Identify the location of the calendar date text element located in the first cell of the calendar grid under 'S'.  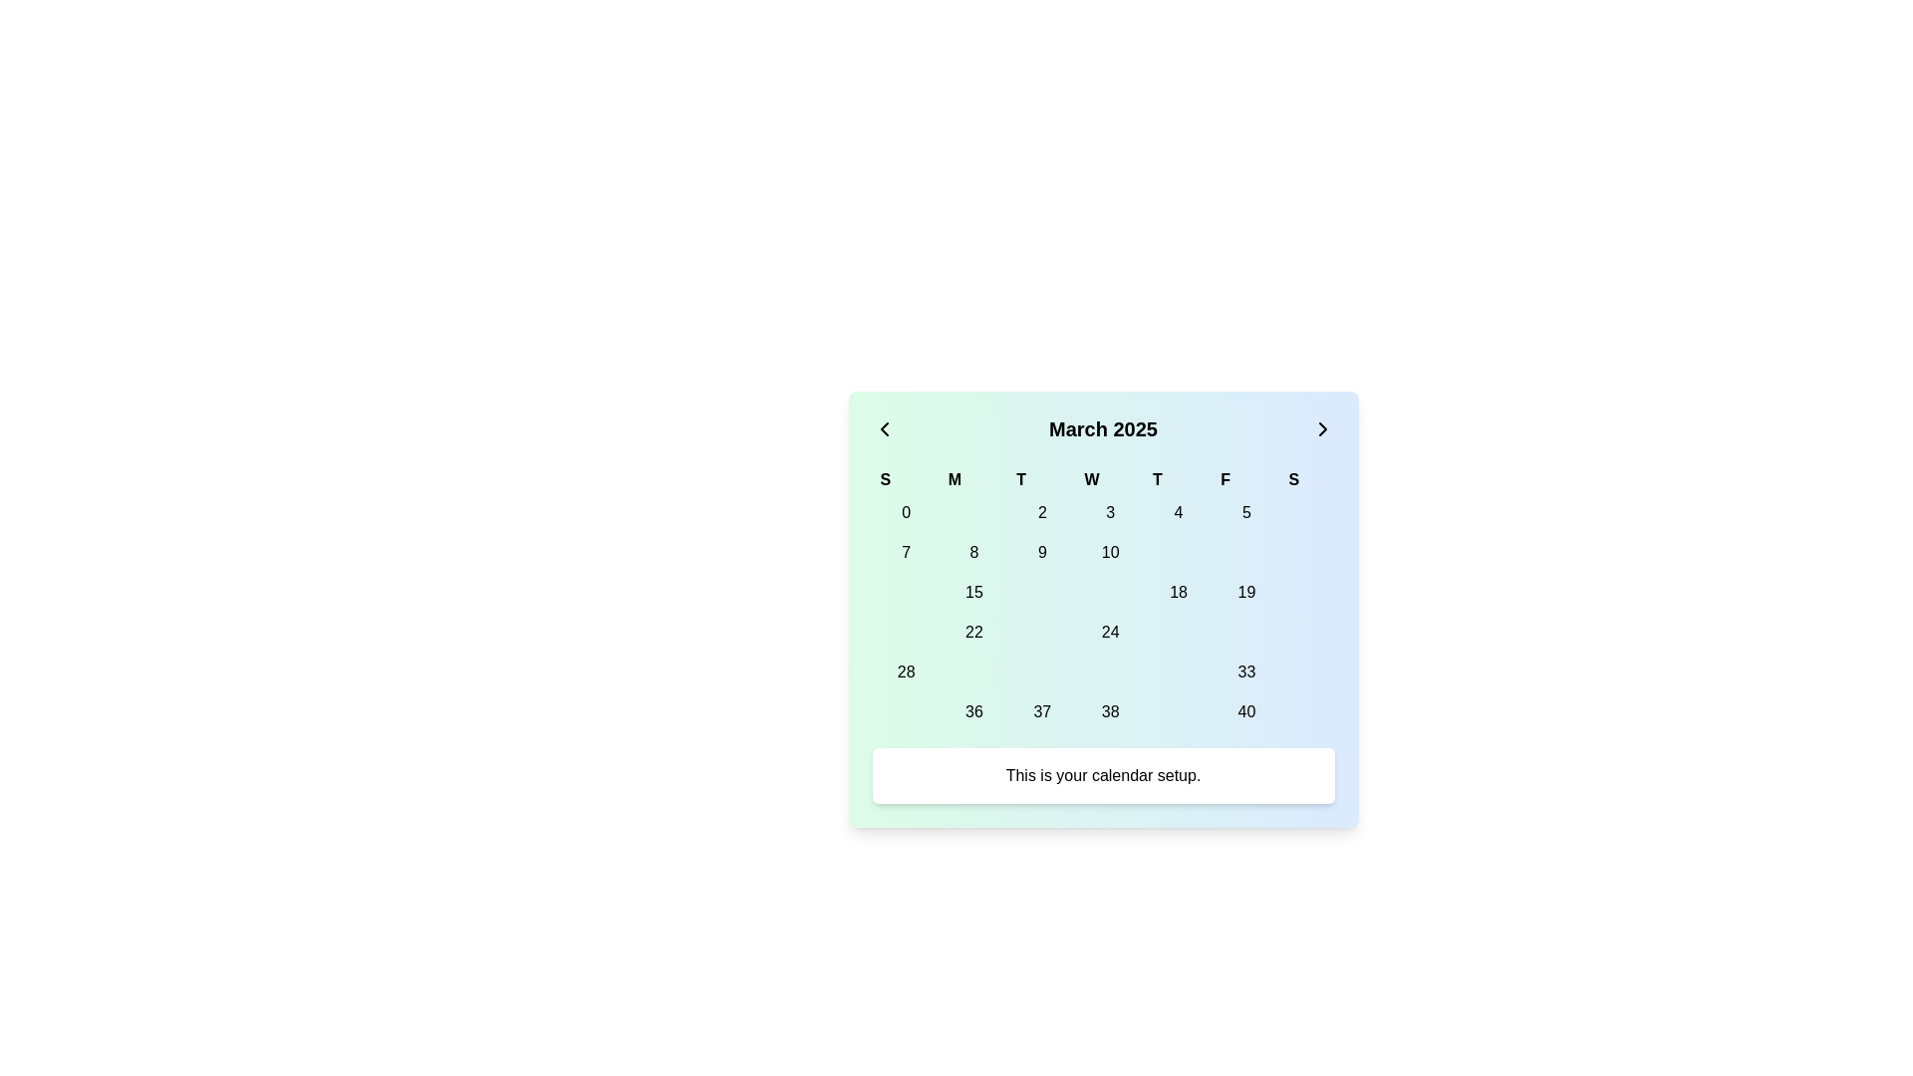
(905, 512).